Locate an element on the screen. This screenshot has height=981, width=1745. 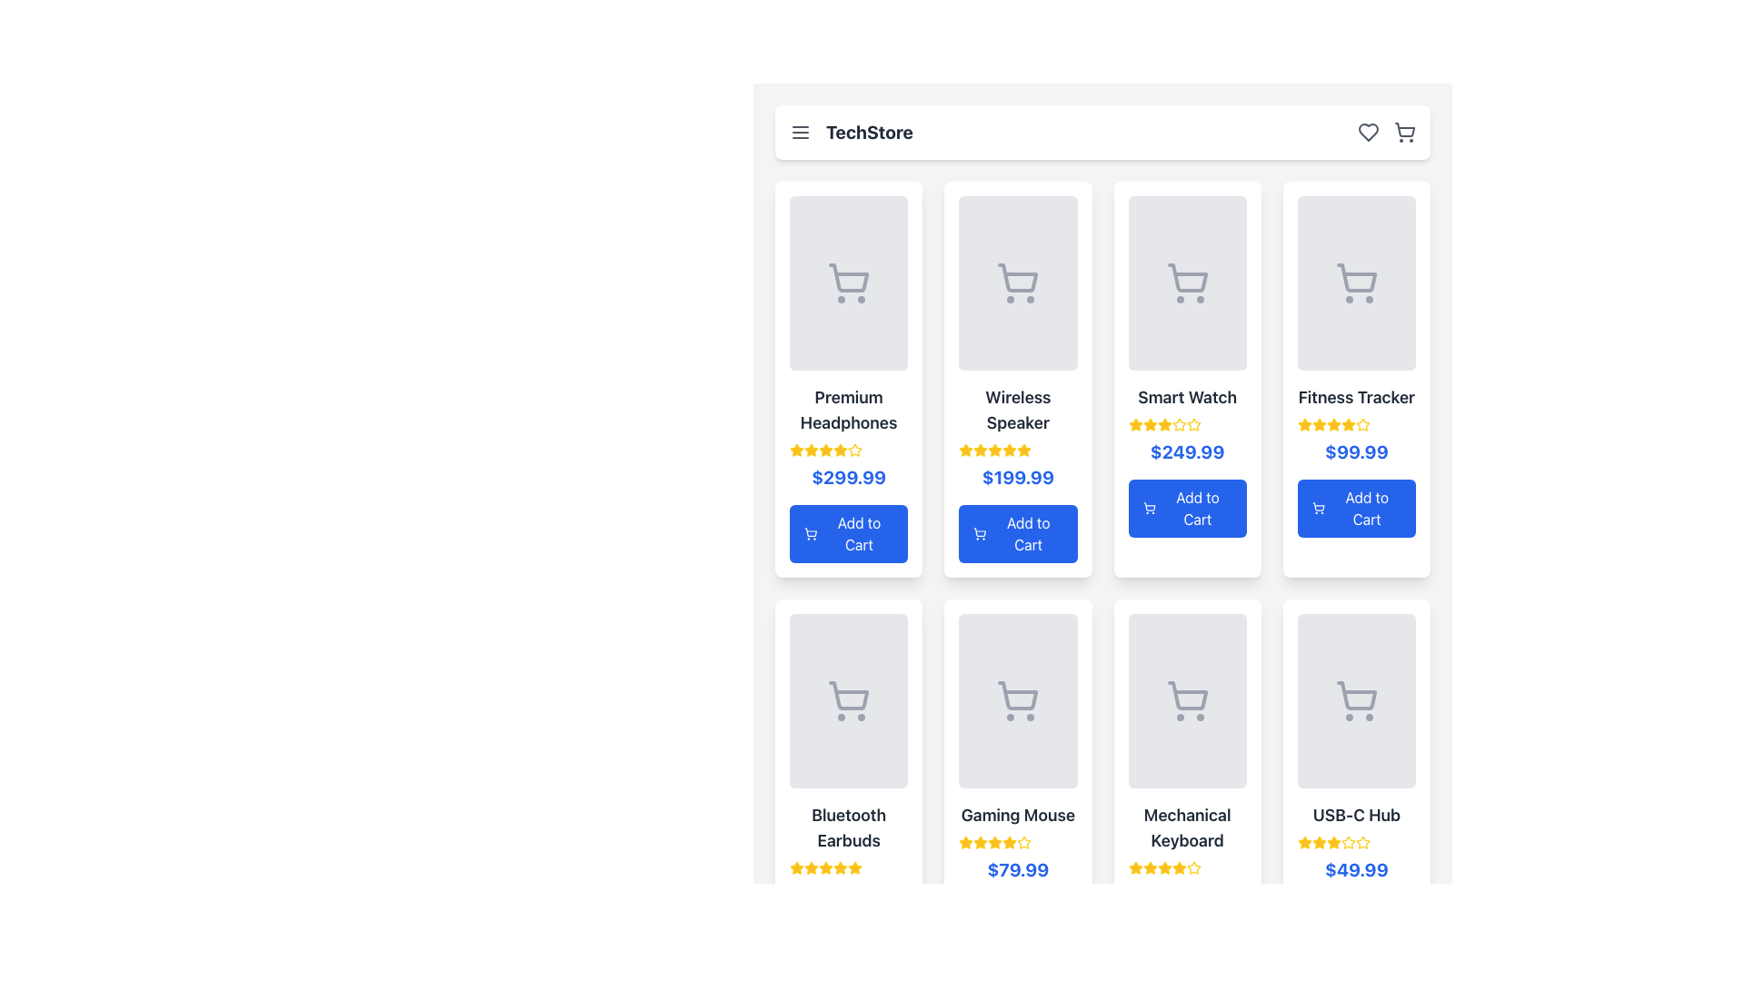
the 'Add to Cart' button for the 'Premium Headphones' product through keyboard navigation is located at coordinates (848, 532).